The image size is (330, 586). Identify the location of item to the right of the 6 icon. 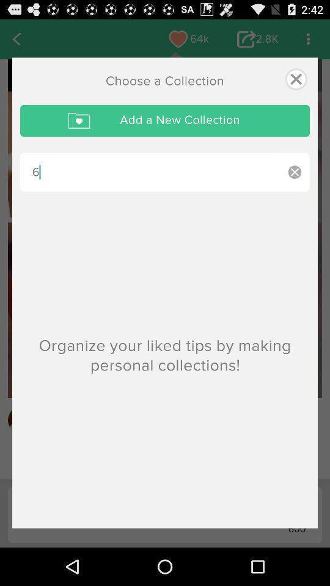
(294, 172).